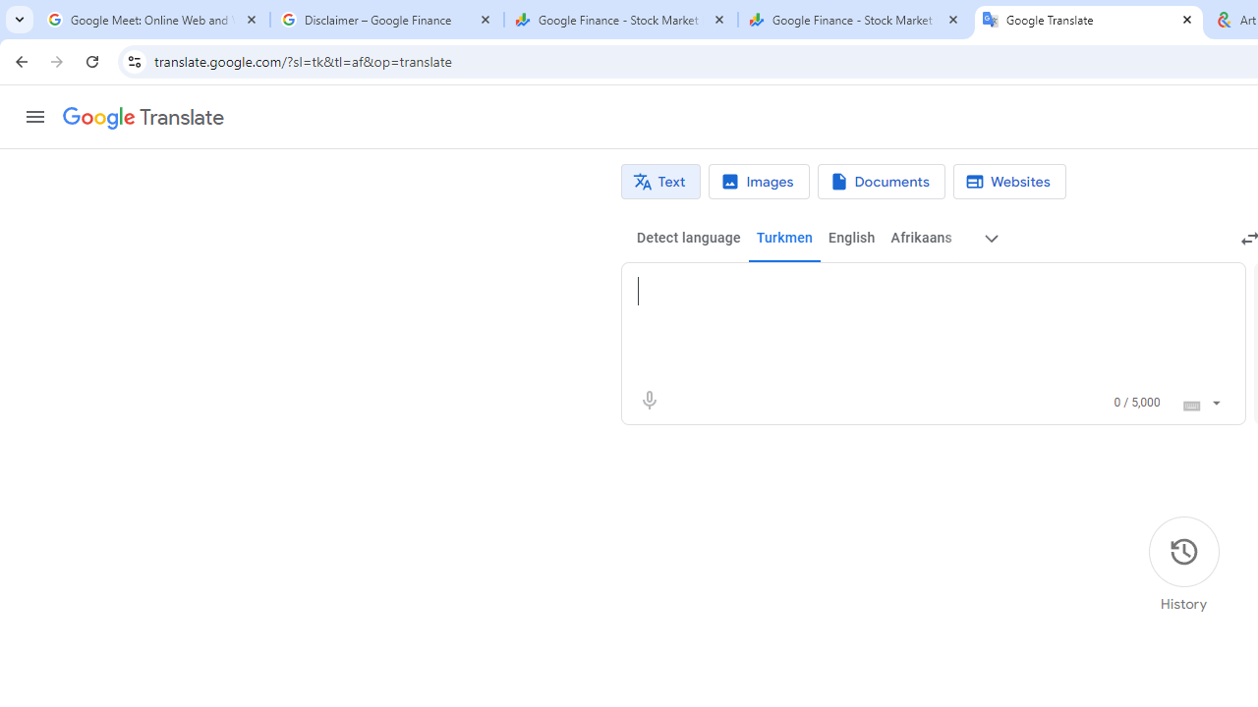 This screenshot has width=1258, height=707. I want to click on '0 of 5,000 characters used', so click(1137, 402).